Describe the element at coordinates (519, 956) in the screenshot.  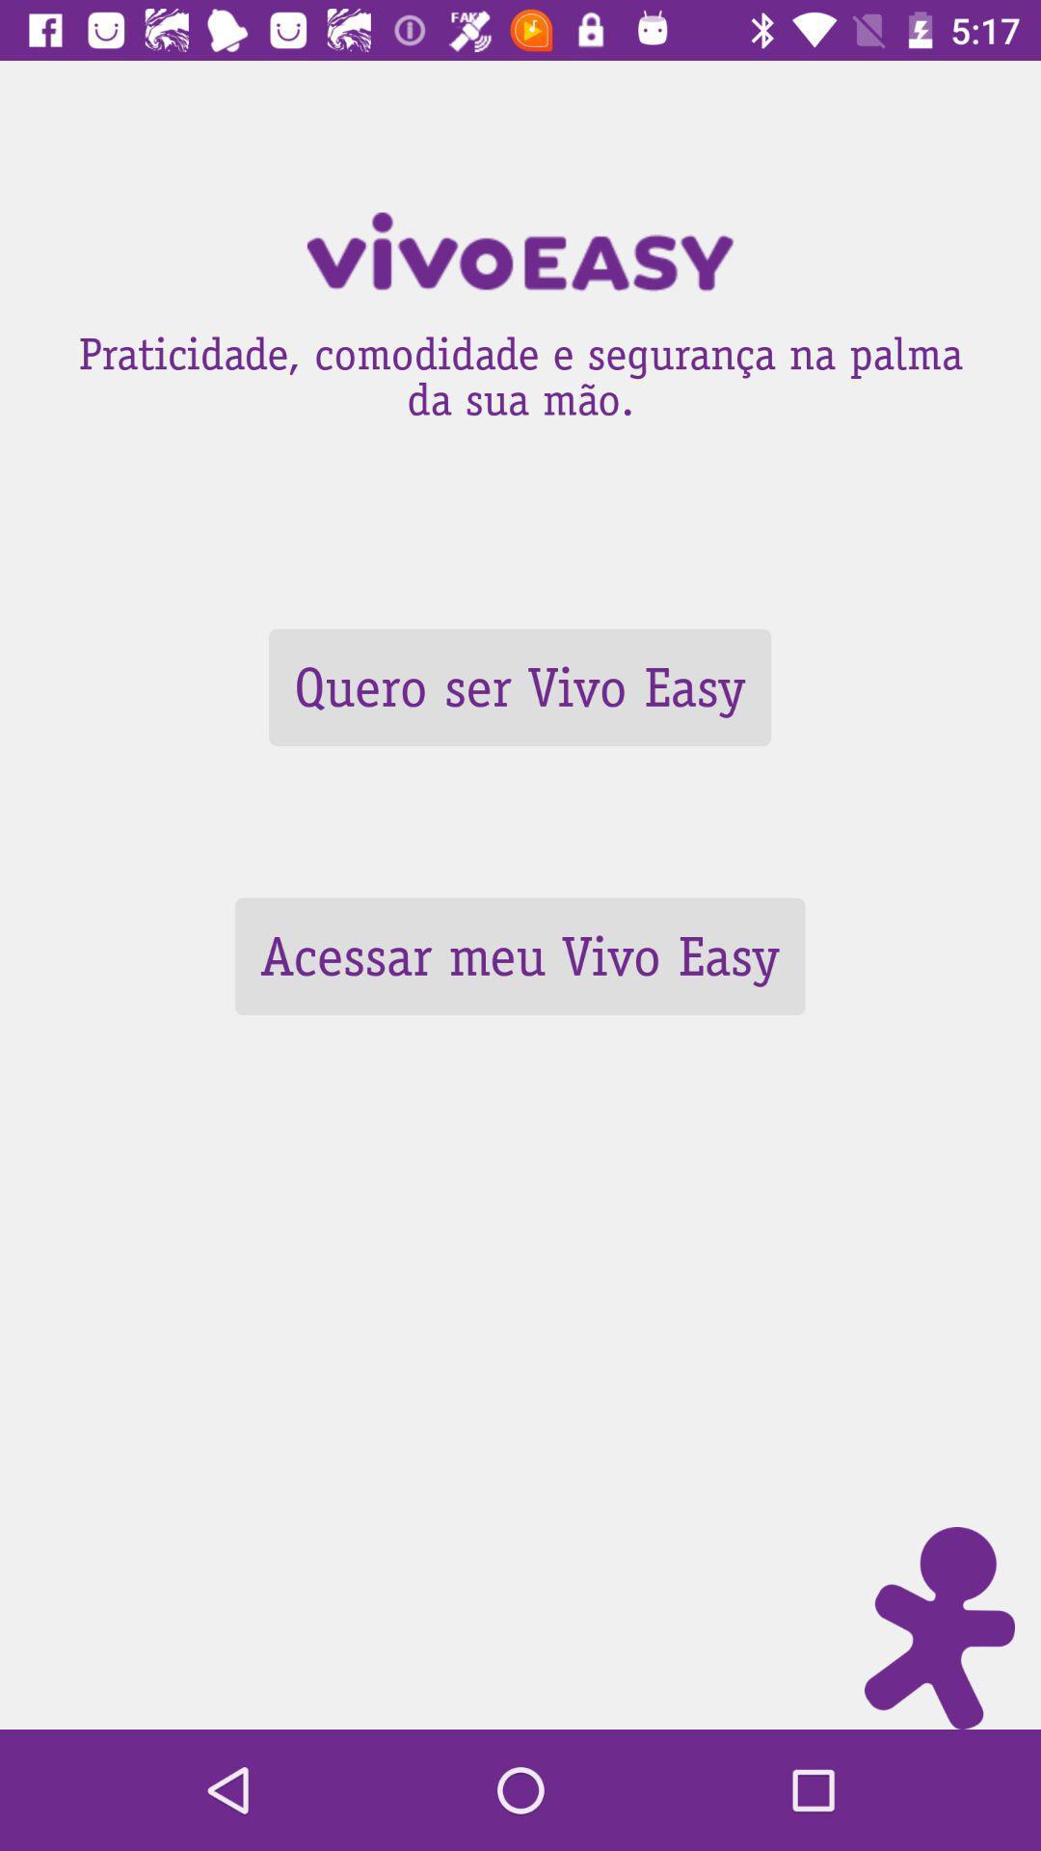
I see `acessar meu vivo icon` at that location.